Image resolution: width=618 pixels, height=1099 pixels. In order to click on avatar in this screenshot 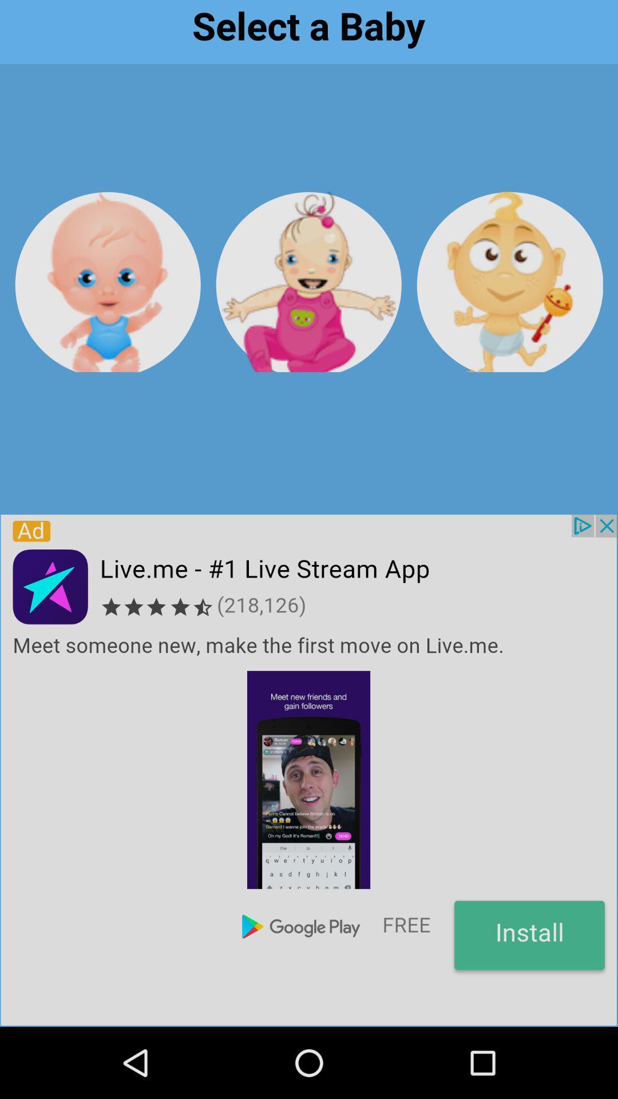, I will do `click(108, 282)`.